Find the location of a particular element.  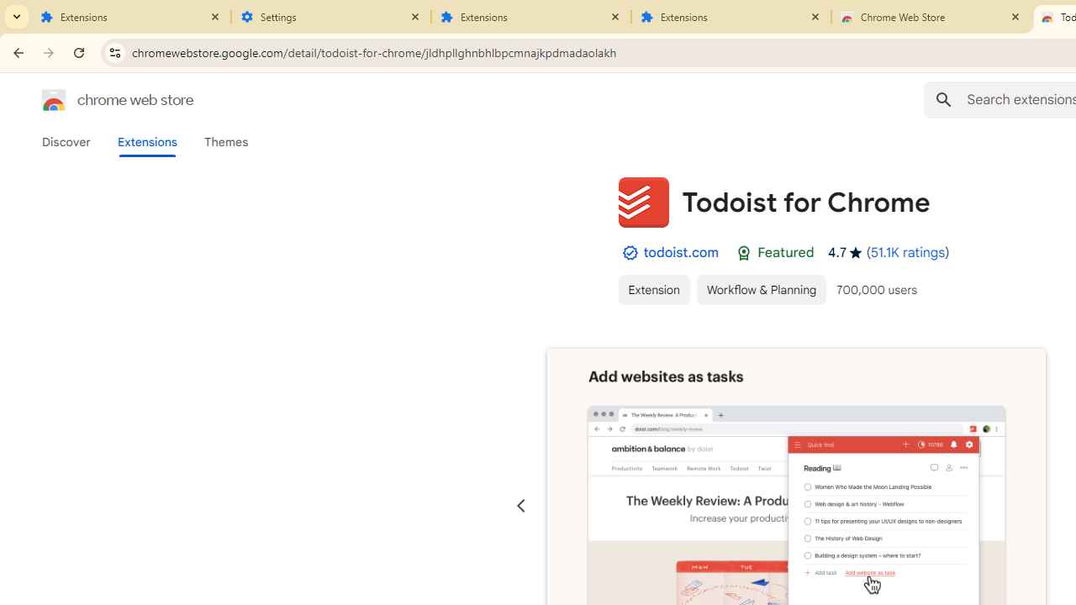

'Extension' is located at coordinates (652, 288).